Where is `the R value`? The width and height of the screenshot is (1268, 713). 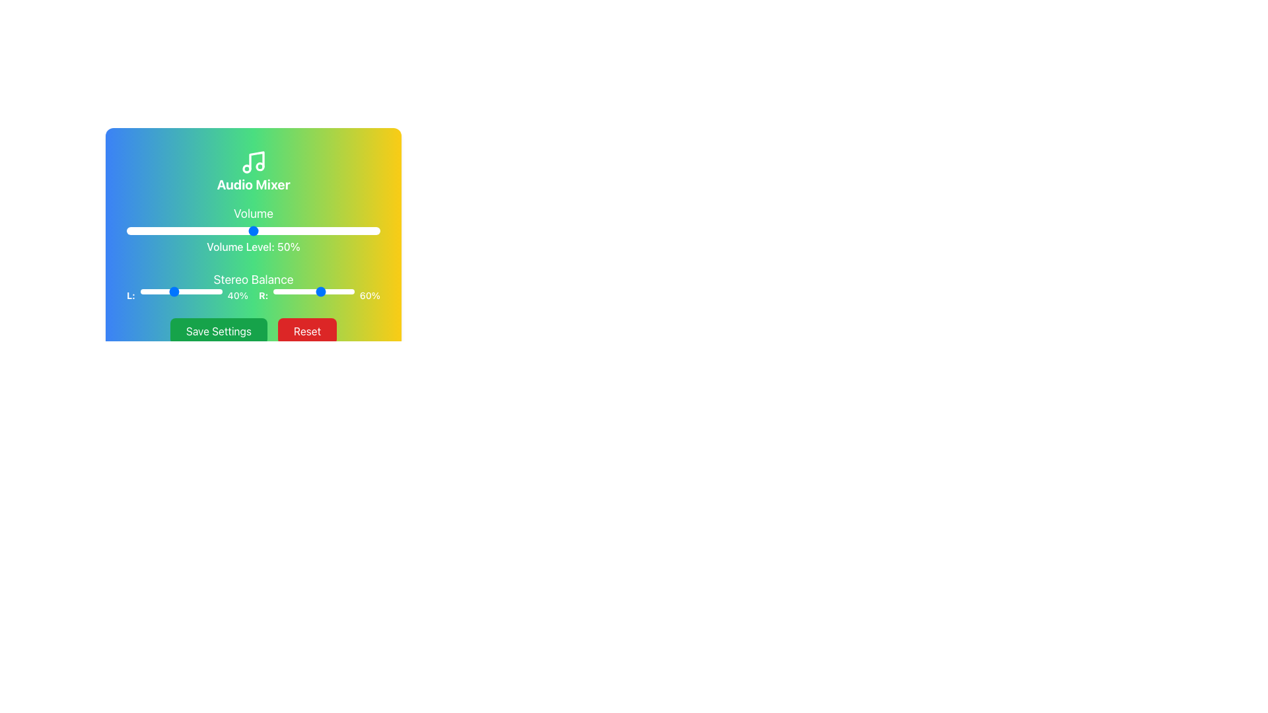 the R value is located at coordinates (339, 291).